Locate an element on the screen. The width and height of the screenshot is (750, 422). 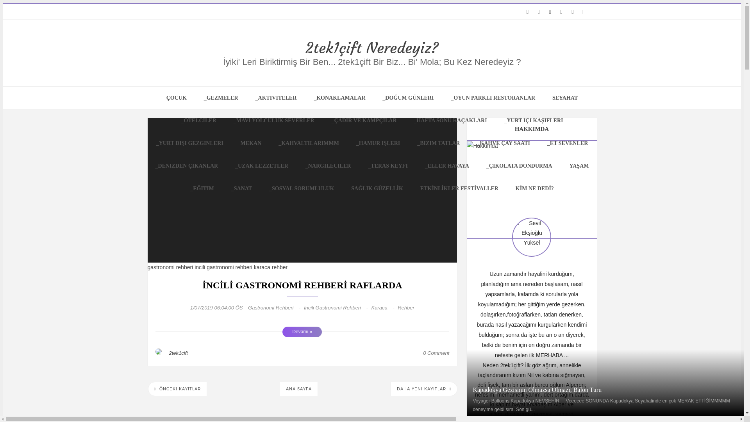
'2tek1cift' is located at coordinates (178, 353).